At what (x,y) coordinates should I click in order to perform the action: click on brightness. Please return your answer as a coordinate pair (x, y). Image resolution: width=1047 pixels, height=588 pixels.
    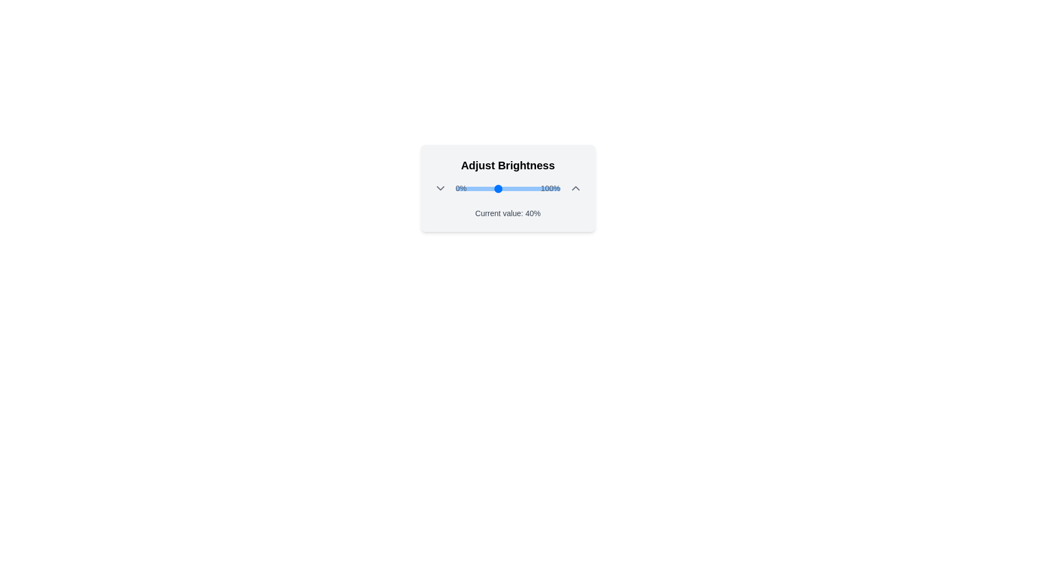
    Looking at the image, I should click on (526, 188).